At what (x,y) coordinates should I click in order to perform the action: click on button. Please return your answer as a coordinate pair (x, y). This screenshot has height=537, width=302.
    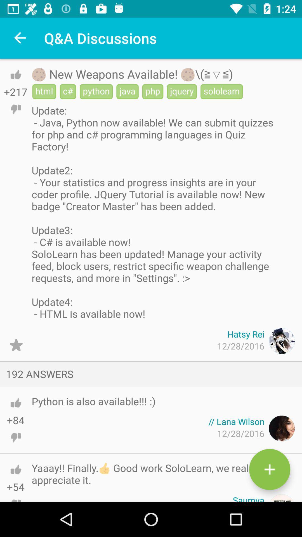
    Looking at the image, I should click on (269, 469).